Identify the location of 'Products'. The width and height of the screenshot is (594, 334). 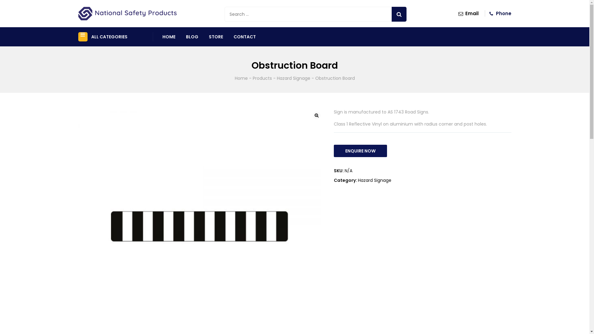
(252, 78).